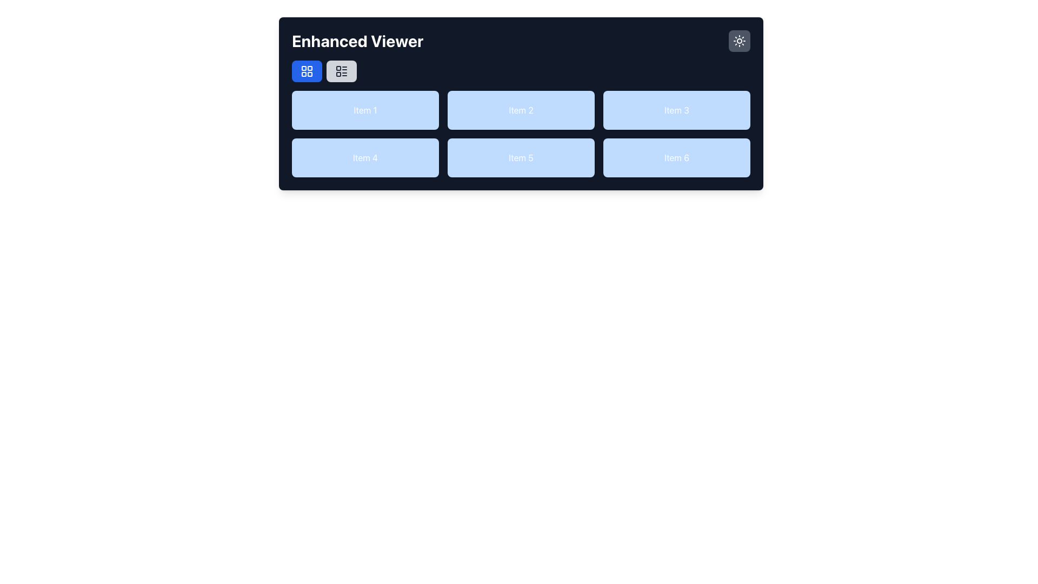  I want to click on the icon button resembling a list layout to switch to the list layout view, so click(341, 71).